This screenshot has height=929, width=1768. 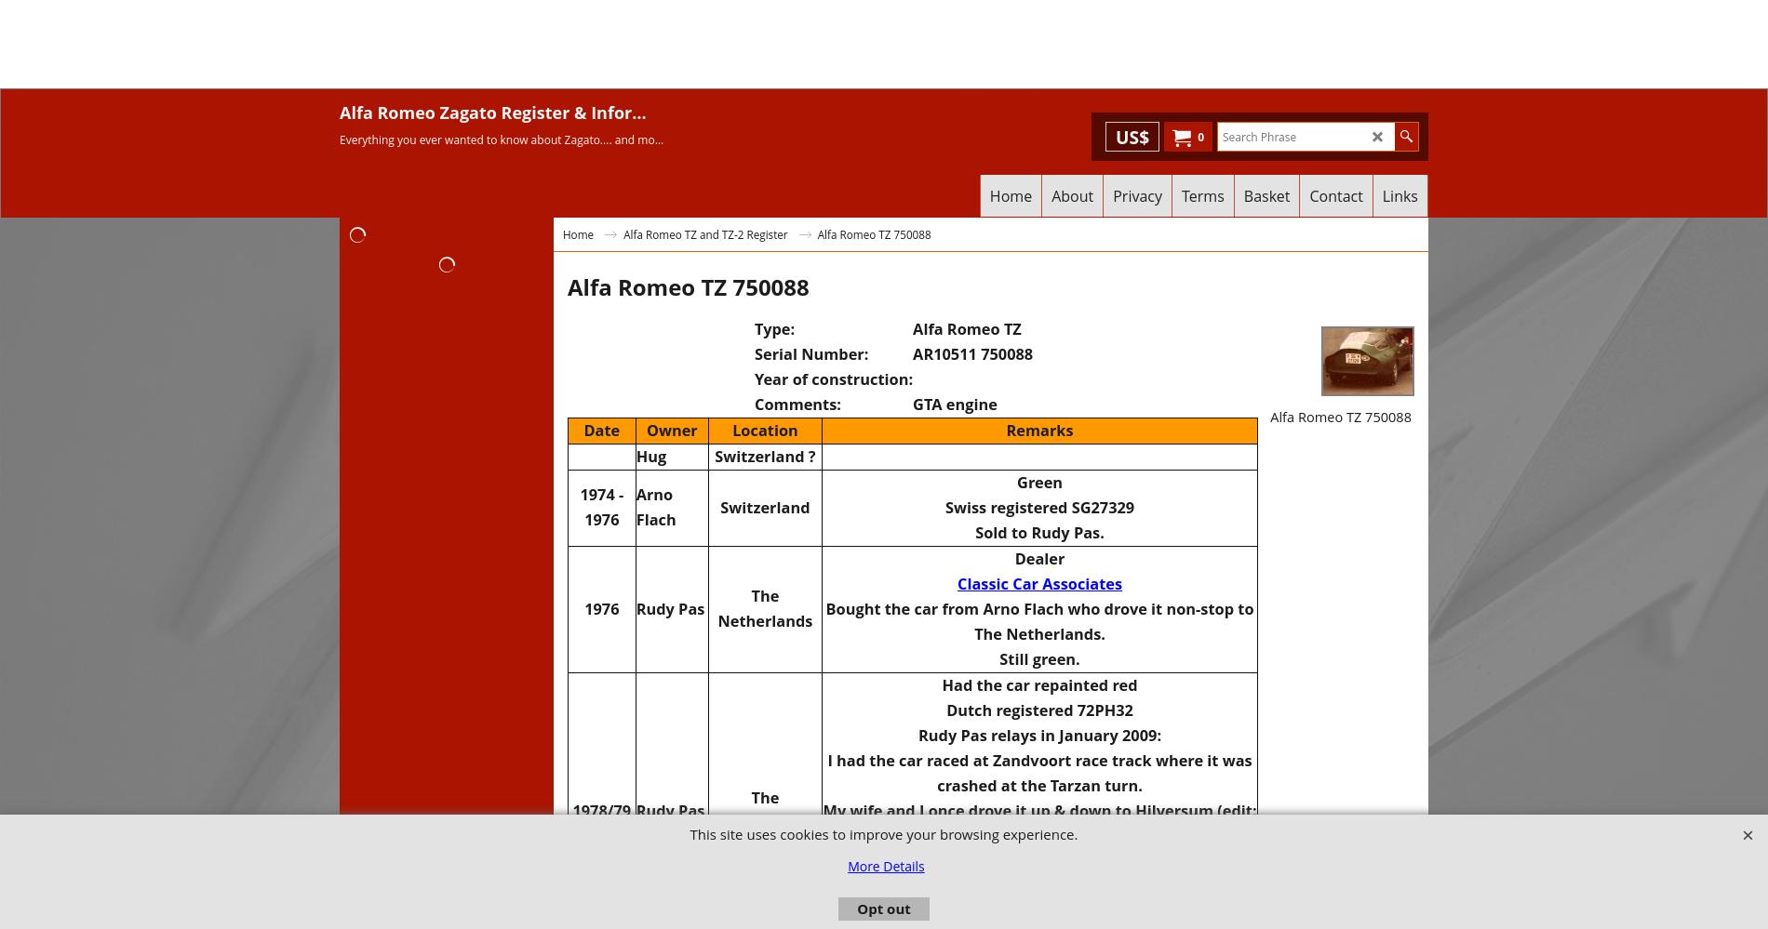 What do you see at coordinates (886, 866) in the screenshot?
I see `'More Details'` at bounding box center [886, 866].